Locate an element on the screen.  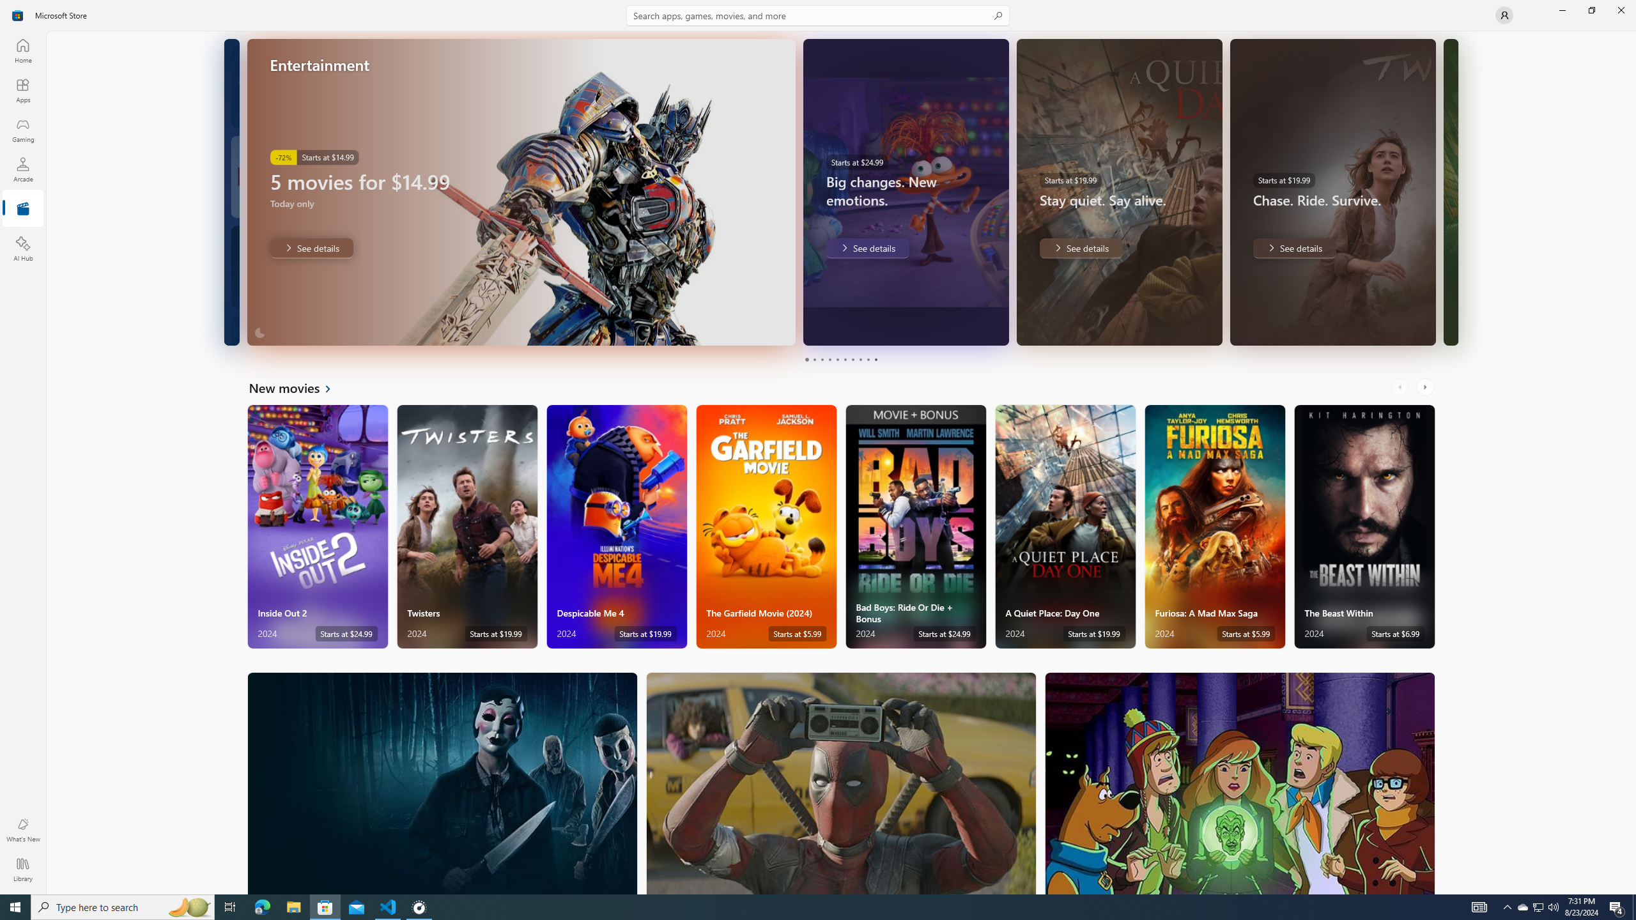
'Page 3' is located at coordinates (821, 359).